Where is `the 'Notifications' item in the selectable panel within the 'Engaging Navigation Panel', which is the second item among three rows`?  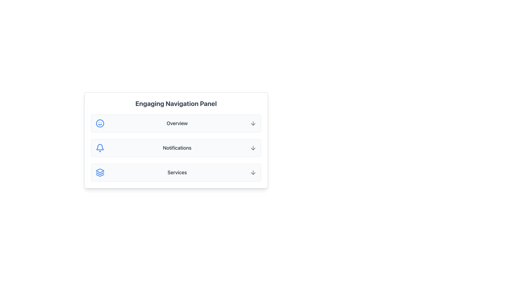 the 'Notifications' item in the selectable panel within the 'Engaging Navigation Panel', which is the second item among three rows is located at coordinates (176, 140).